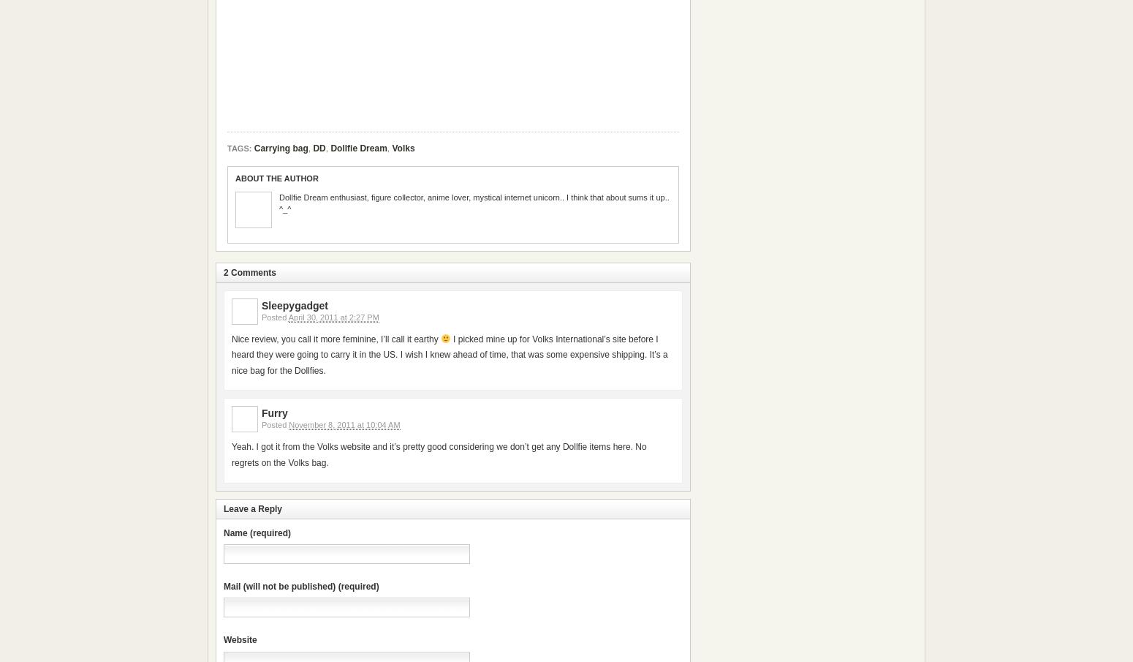  I want to click on 'Website', so click(239, 640).